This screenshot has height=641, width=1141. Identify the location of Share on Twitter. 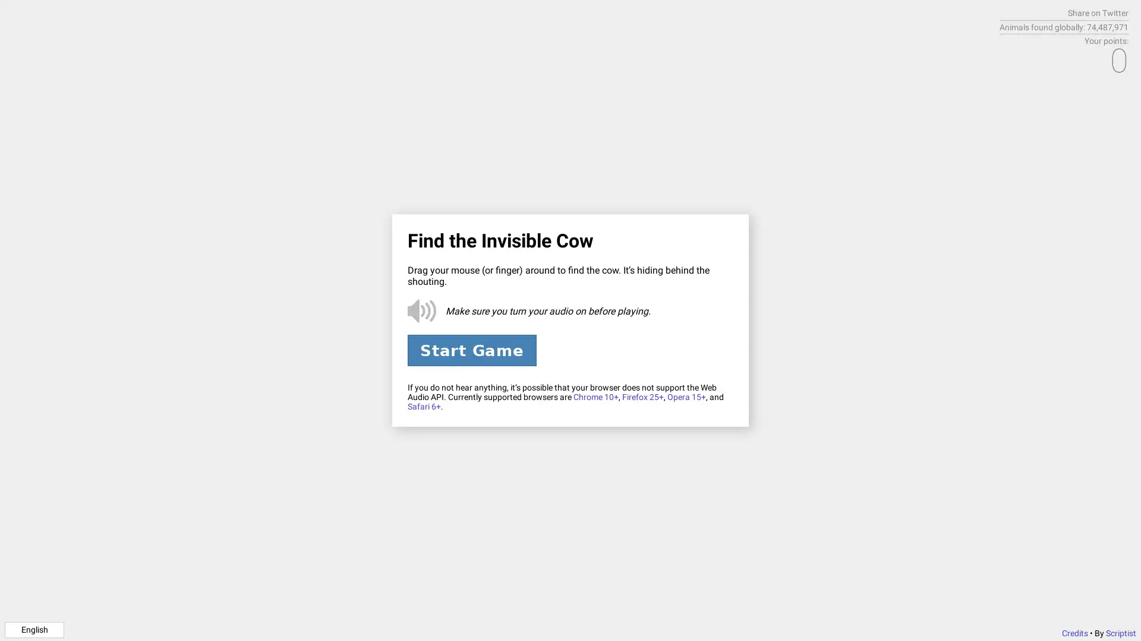
(1098, 13).